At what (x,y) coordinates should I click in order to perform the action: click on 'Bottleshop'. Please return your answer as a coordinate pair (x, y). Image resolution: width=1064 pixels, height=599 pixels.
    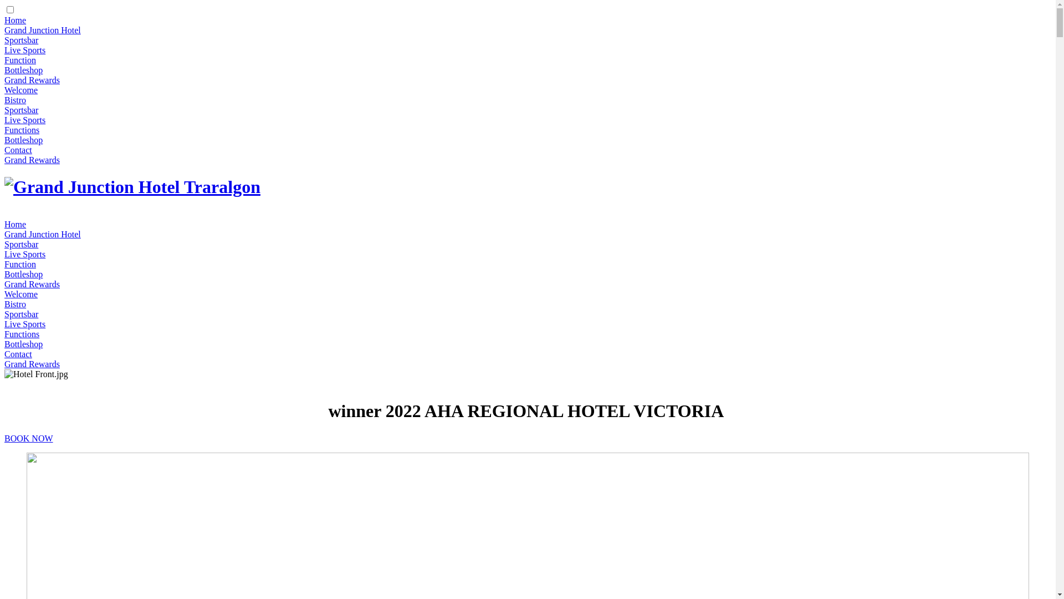
    Looking at the image, I should click on (23, 70).